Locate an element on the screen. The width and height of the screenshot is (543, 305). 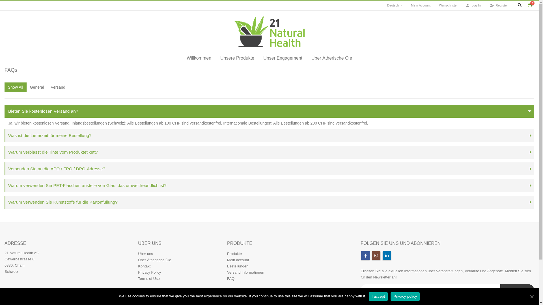
'Facebook' is located at coordinates (365, 256).